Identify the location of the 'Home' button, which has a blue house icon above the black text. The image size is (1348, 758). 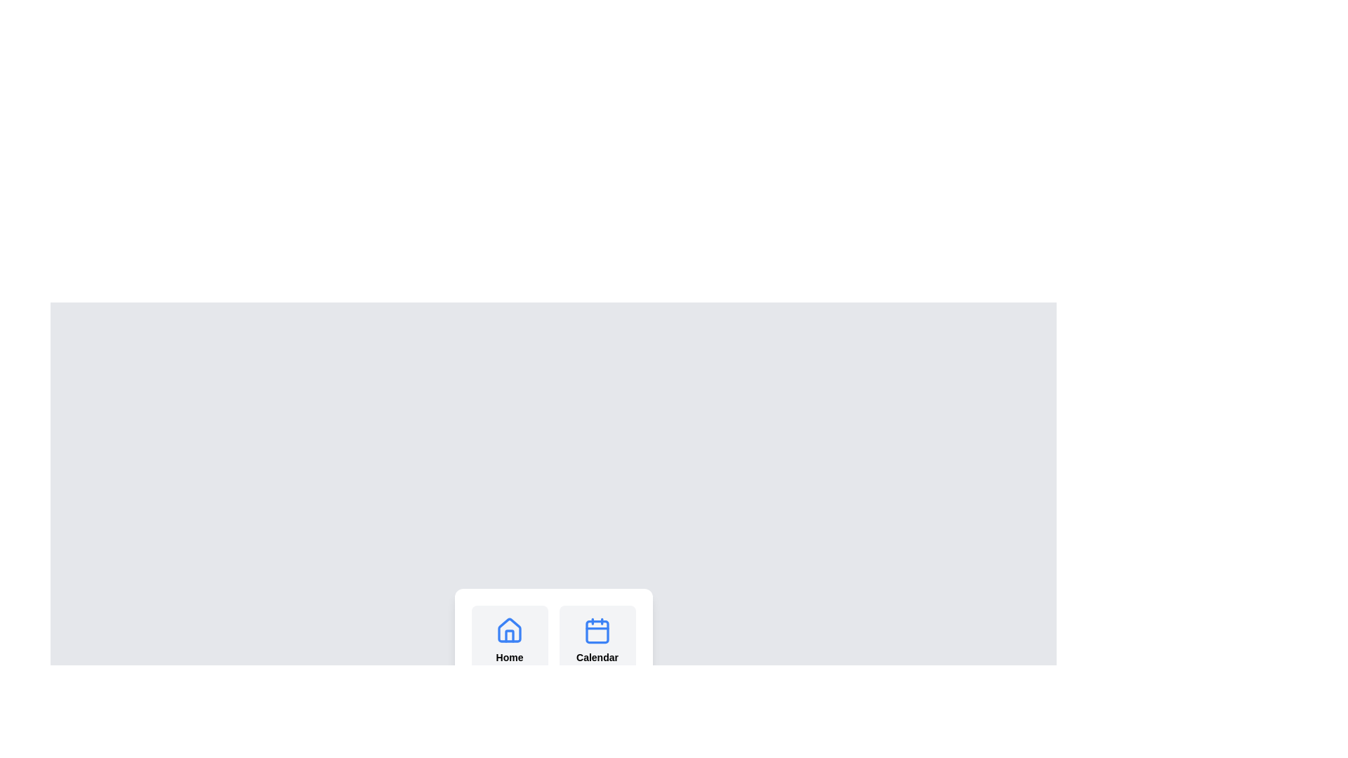
(508, 641).